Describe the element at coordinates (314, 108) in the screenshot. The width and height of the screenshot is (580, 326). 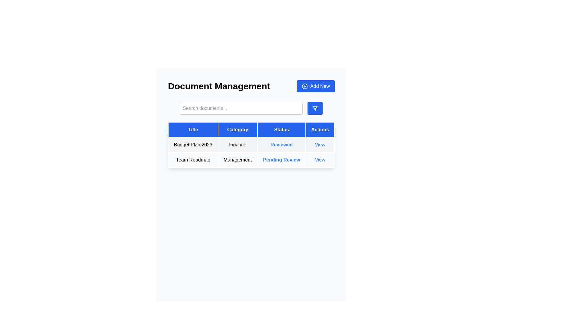
I see `the filter icon located in the top right corner of the interface, adjacent to the text search input box and beneath the 'Add New' button` at that location.